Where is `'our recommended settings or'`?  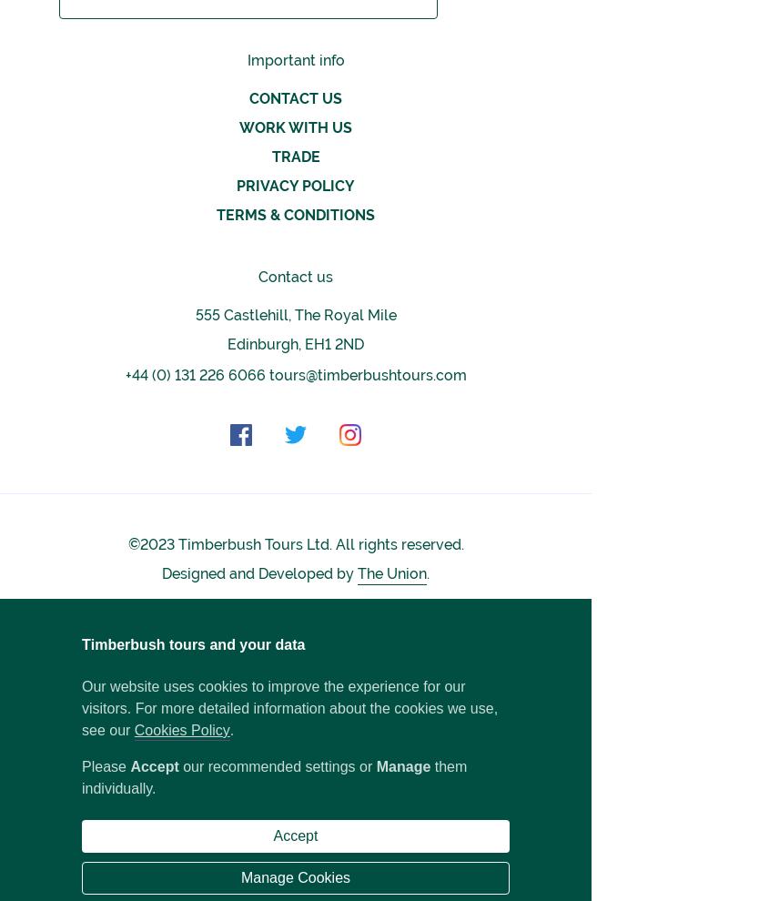 'our recommended settings or' is located at coordinates (277, 765).